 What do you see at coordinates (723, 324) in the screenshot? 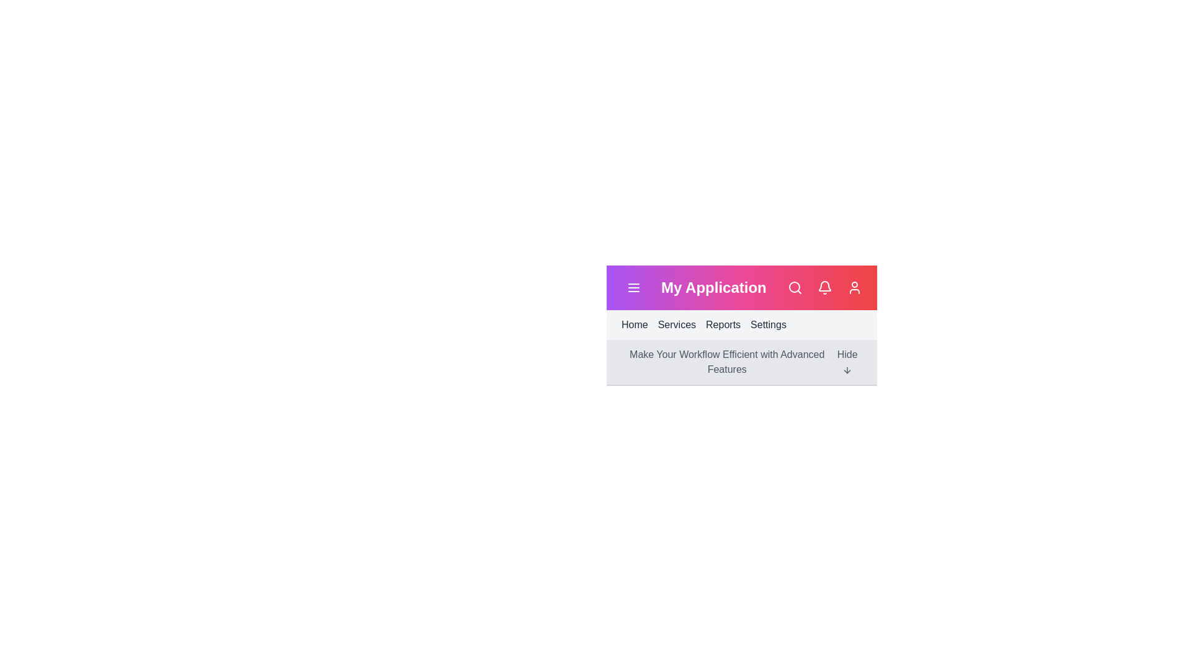
I see `the navigation link labeled Reports to navigate to the corresponding section` at bounding box center [723, 324].